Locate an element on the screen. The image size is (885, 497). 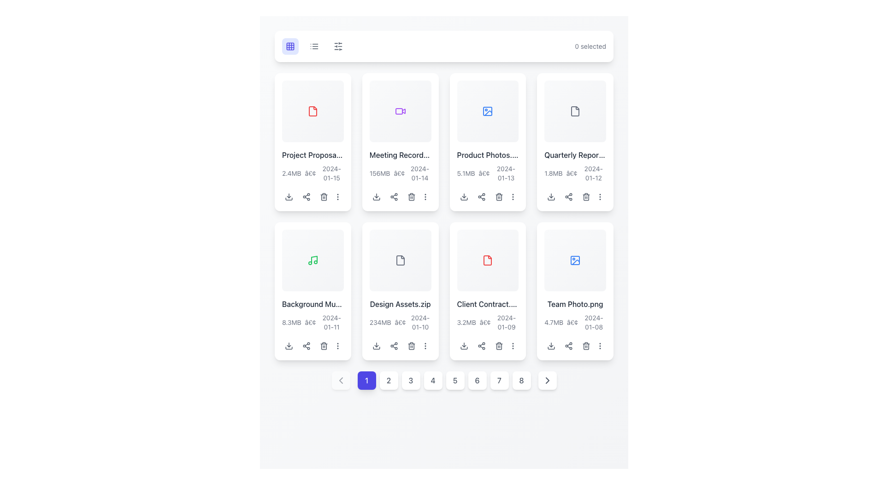
the vertical ellipsis icon located at the bottom-right corner of the 'Client Contract' card is located at coordinates (512, 346).